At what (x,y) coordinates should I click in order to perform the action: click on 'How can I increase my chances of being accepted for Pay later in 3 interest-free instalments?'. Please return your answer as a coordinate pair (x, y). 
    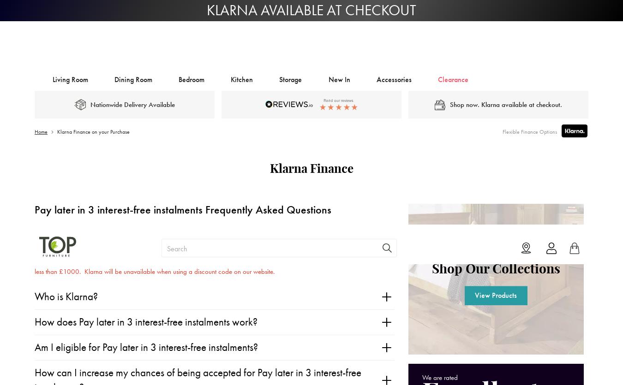
    Looking at the image, I should click on (198, 147).